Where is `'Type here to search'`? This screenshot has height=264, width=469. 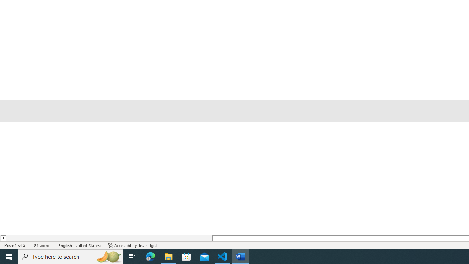
'Type here to search' is located at coordinates (70, 256).